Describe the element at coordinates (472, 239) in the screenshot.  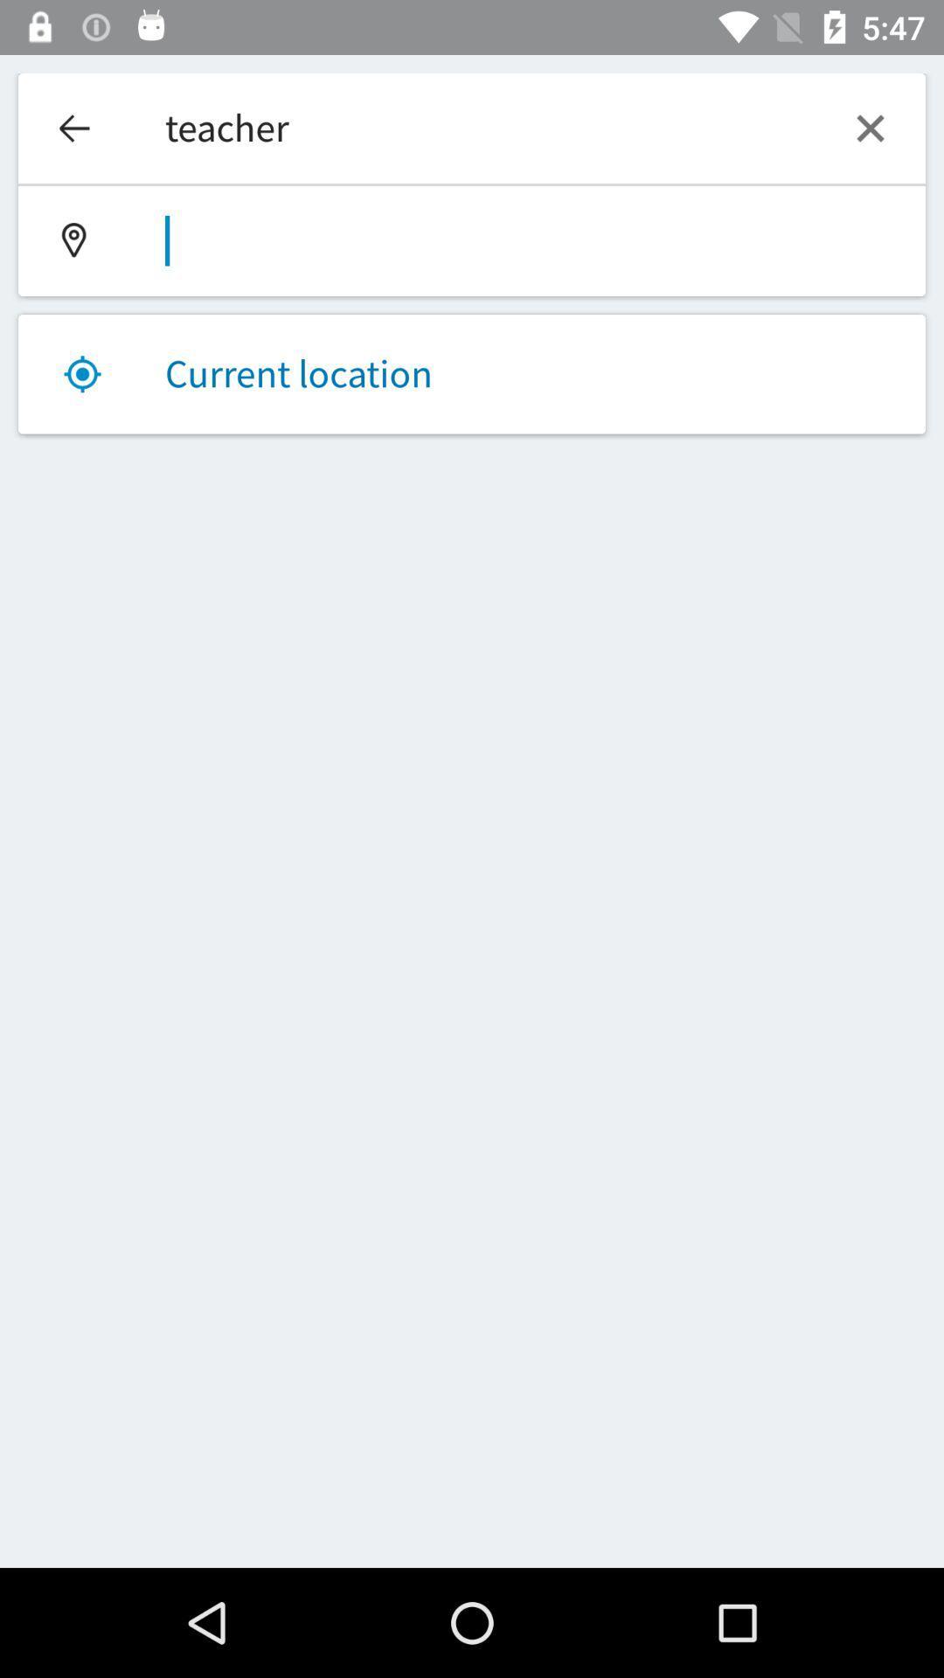
I see `location field` at that location.